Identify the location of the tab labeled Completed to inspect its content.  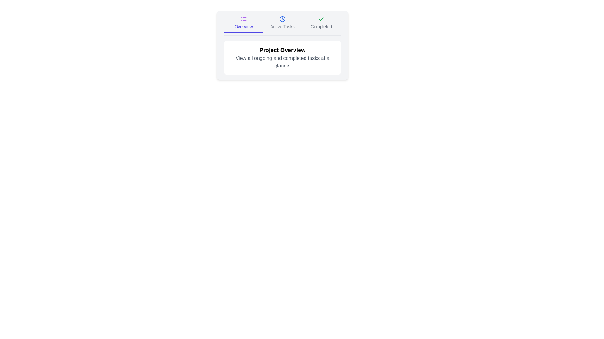
(321, 24).